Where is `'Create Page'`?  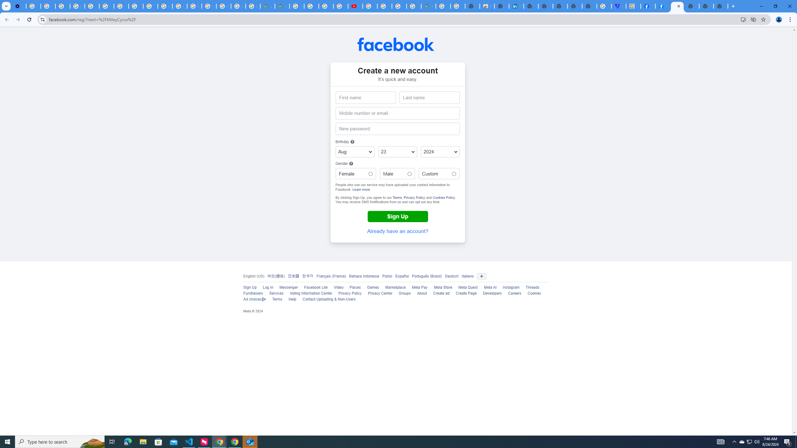 'Create Page' is located at coordinates (466, 293).